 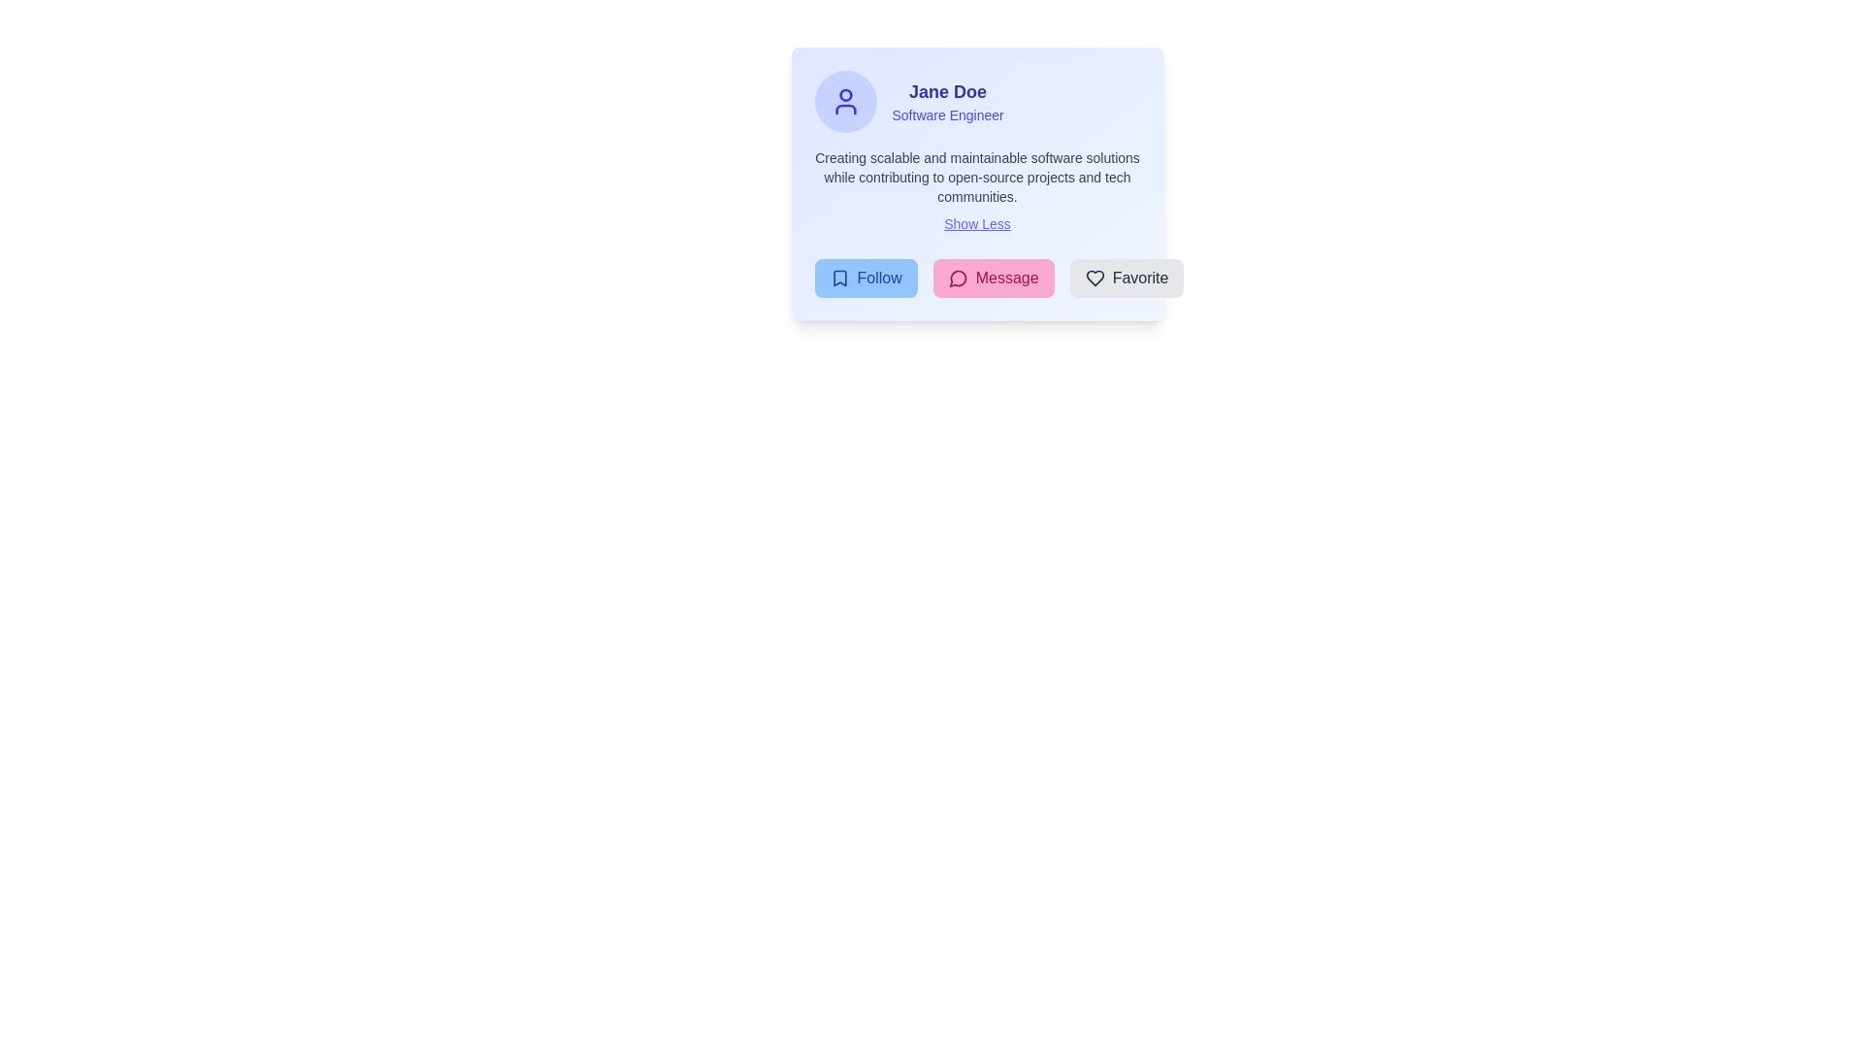 I want to click on the bookmark icon, which is part of the 'Follow' button located in the bottom-left corner of the user information card, adjacent to the text 'Follow', so click(x=839, y=278).